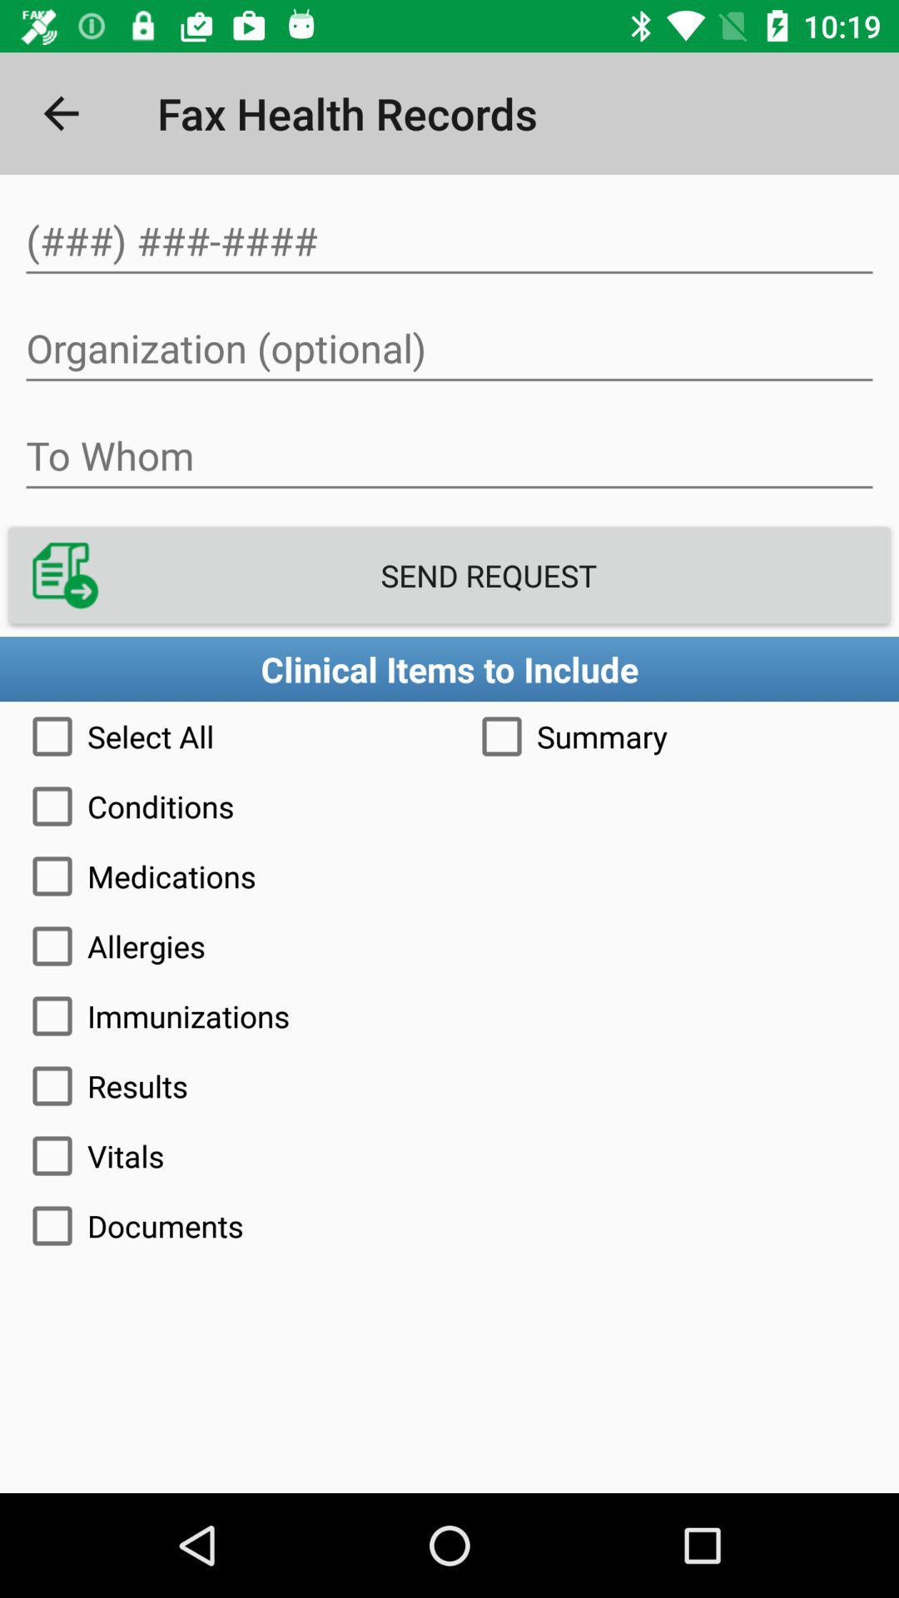  Describe the element at coordinates (449, 946) in the screenshot. I see `the icon above the immunizations` at that location.